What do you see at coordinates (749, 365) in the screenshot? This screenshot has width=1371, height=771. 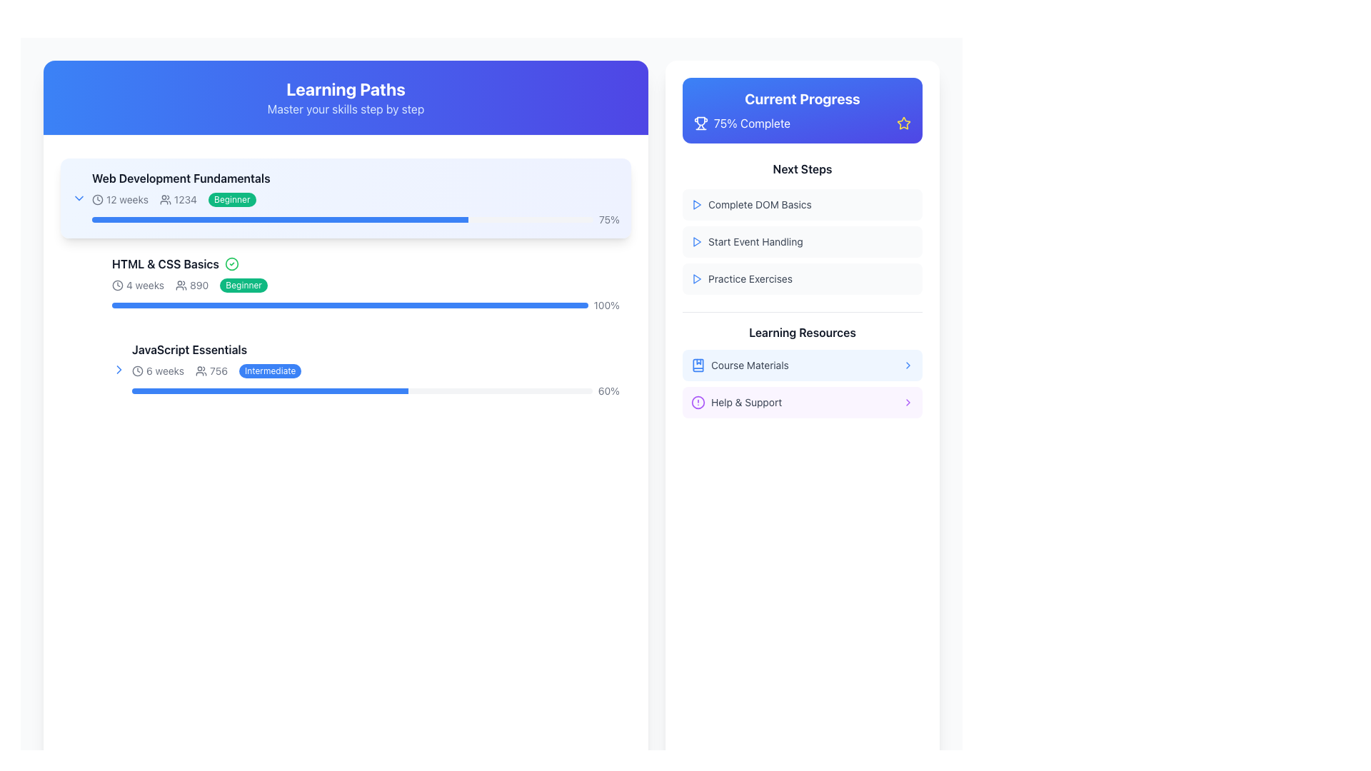 I see `text of the label that describes the first resource listed under the 'Learning Resources' heading in the right panel, positioned immediately after the book icon` at bounding box center [749, 365].